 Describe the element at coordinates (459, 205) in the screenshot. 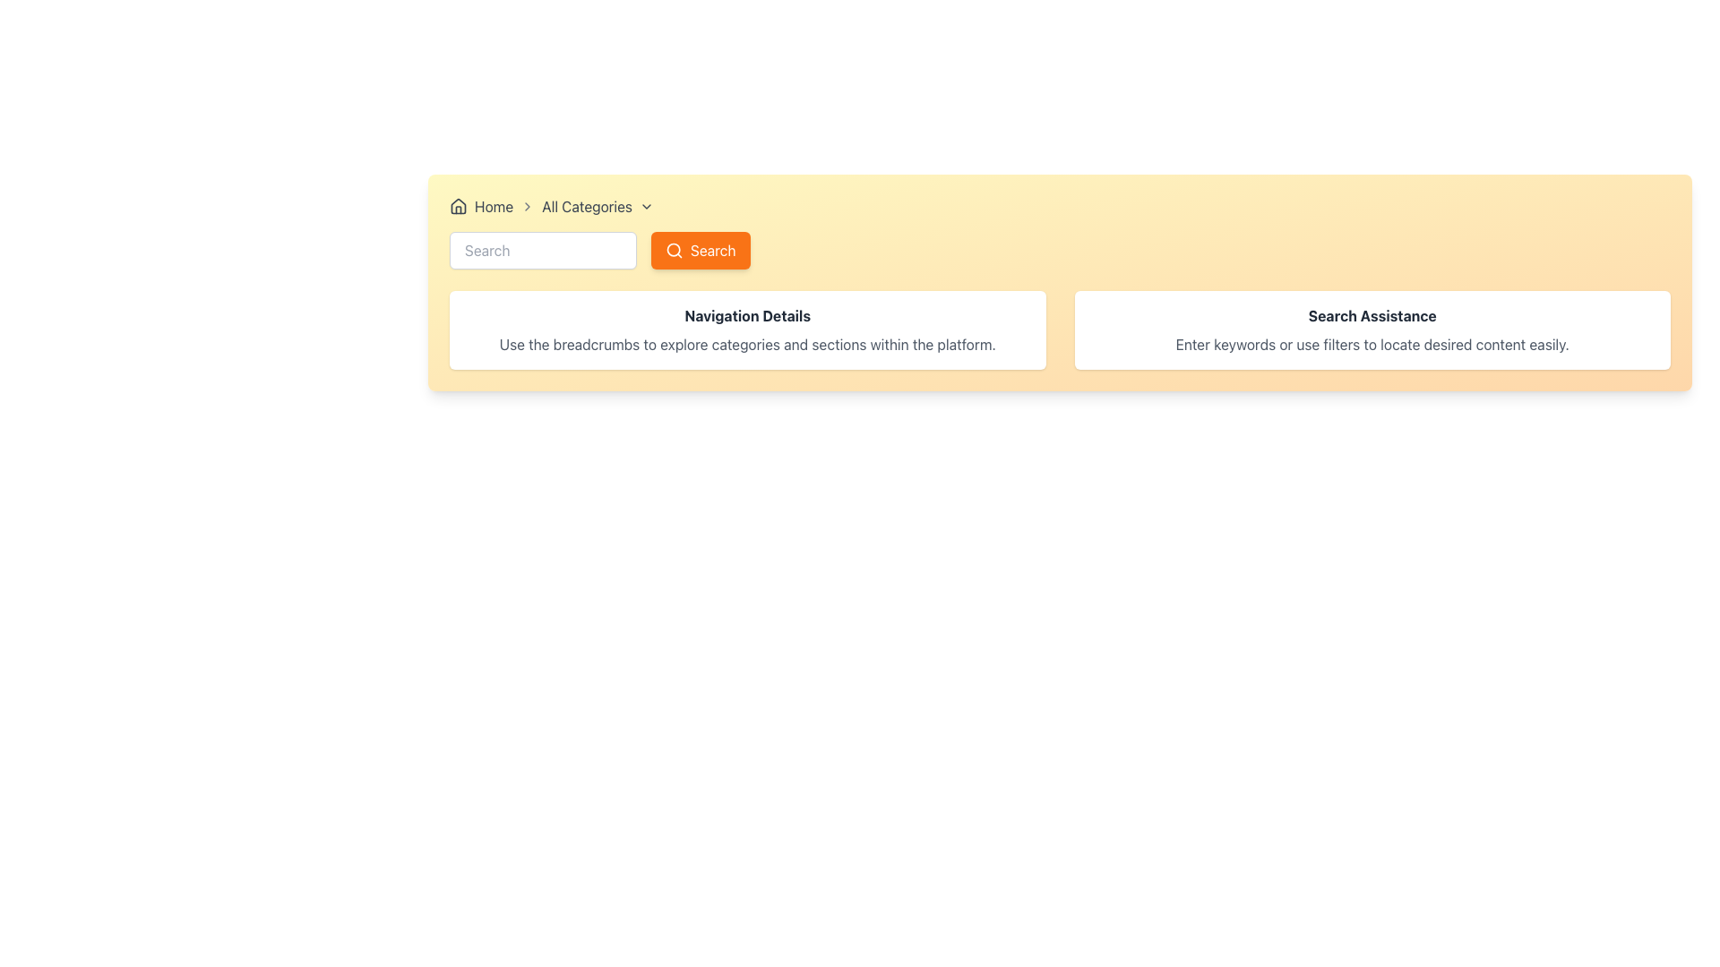

I see `the 'Home' icon located in the top left portion of the breadcrumb navigation bar` at that location.